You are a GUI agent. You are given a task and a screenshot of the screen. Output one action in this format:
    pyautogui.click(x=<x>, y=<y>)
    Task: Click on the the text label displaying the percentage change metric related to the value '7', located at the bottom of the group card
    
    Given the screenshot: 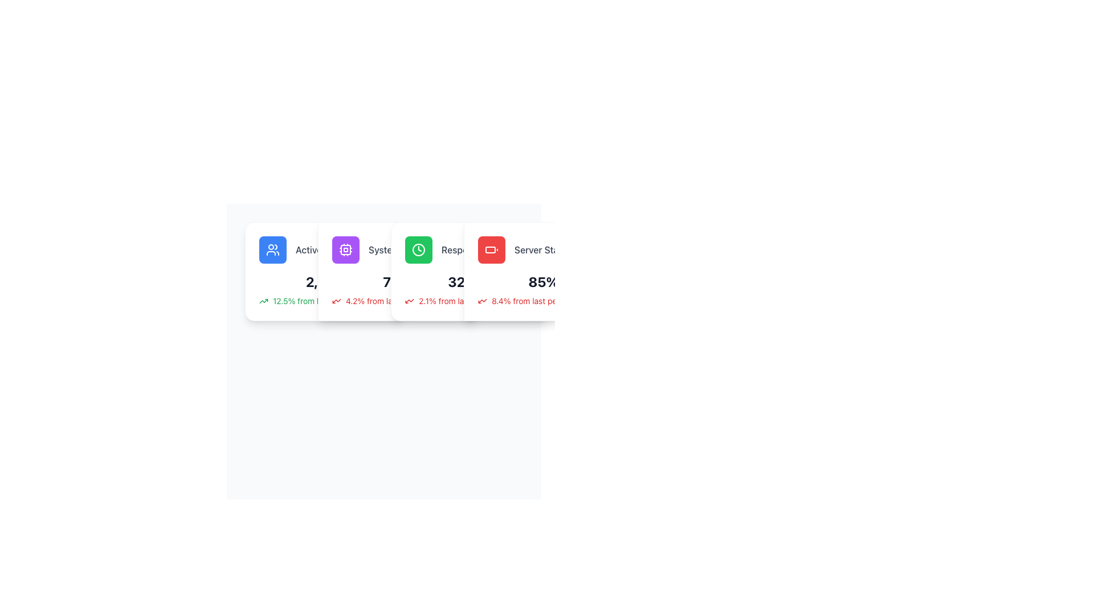 What is the action you would take?
    pyautogui.click(x=385, y=300)
    